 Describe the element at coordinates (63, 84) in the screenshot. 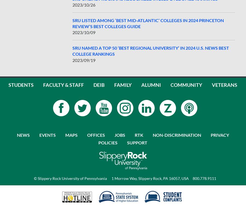

I see `'Faculty & Staff'` at that location.